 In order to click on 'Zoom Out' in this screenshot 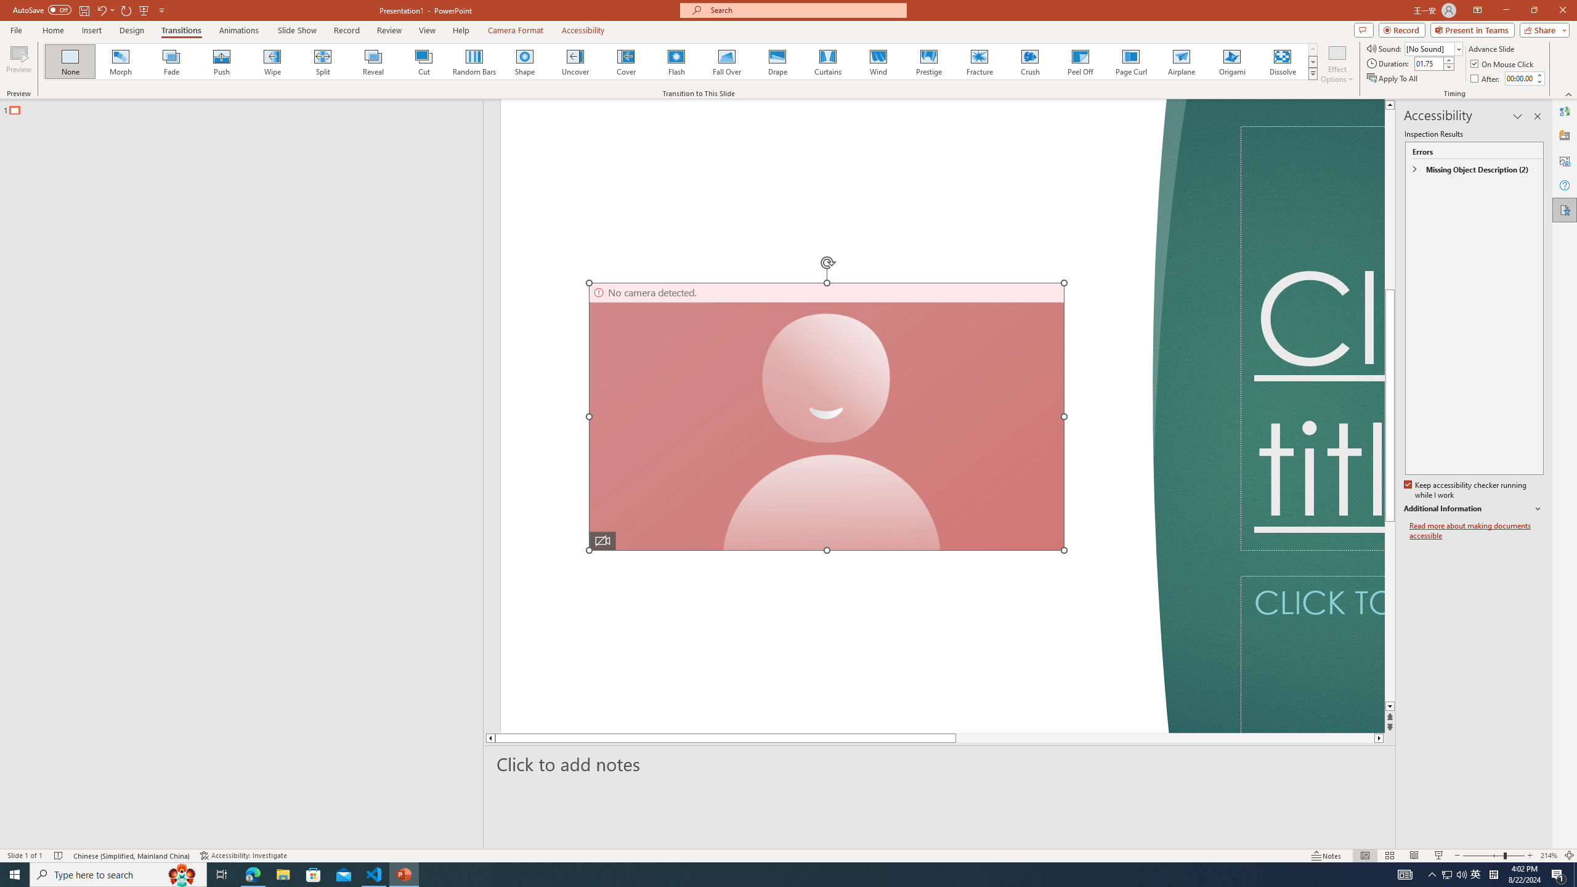, I will do `click(1483, 856)`.